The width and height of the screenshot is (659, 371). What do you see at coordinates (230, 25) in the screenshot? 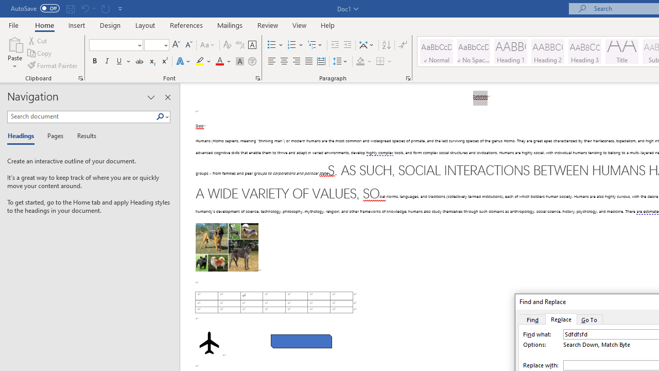
I see `'Mailings'` at bounding box center [230, 25].